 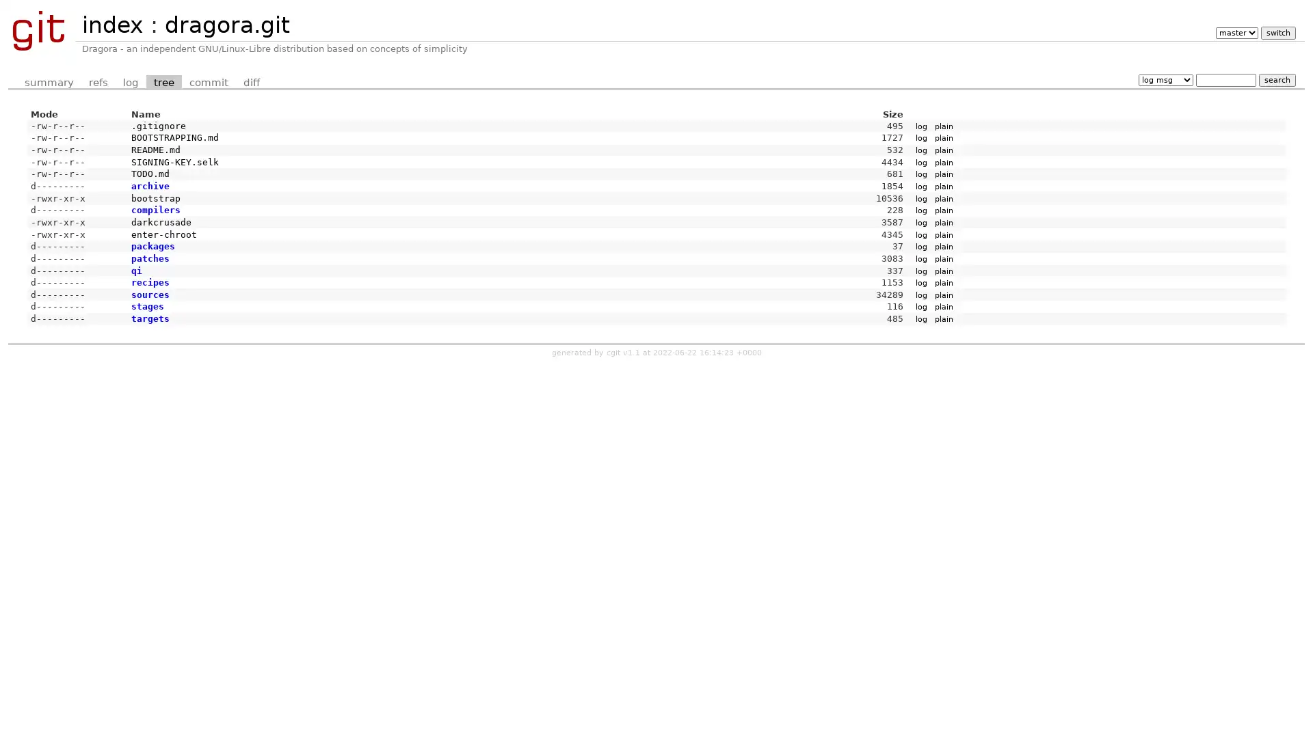 I want to click on switch, so click(x=1277, y=32).